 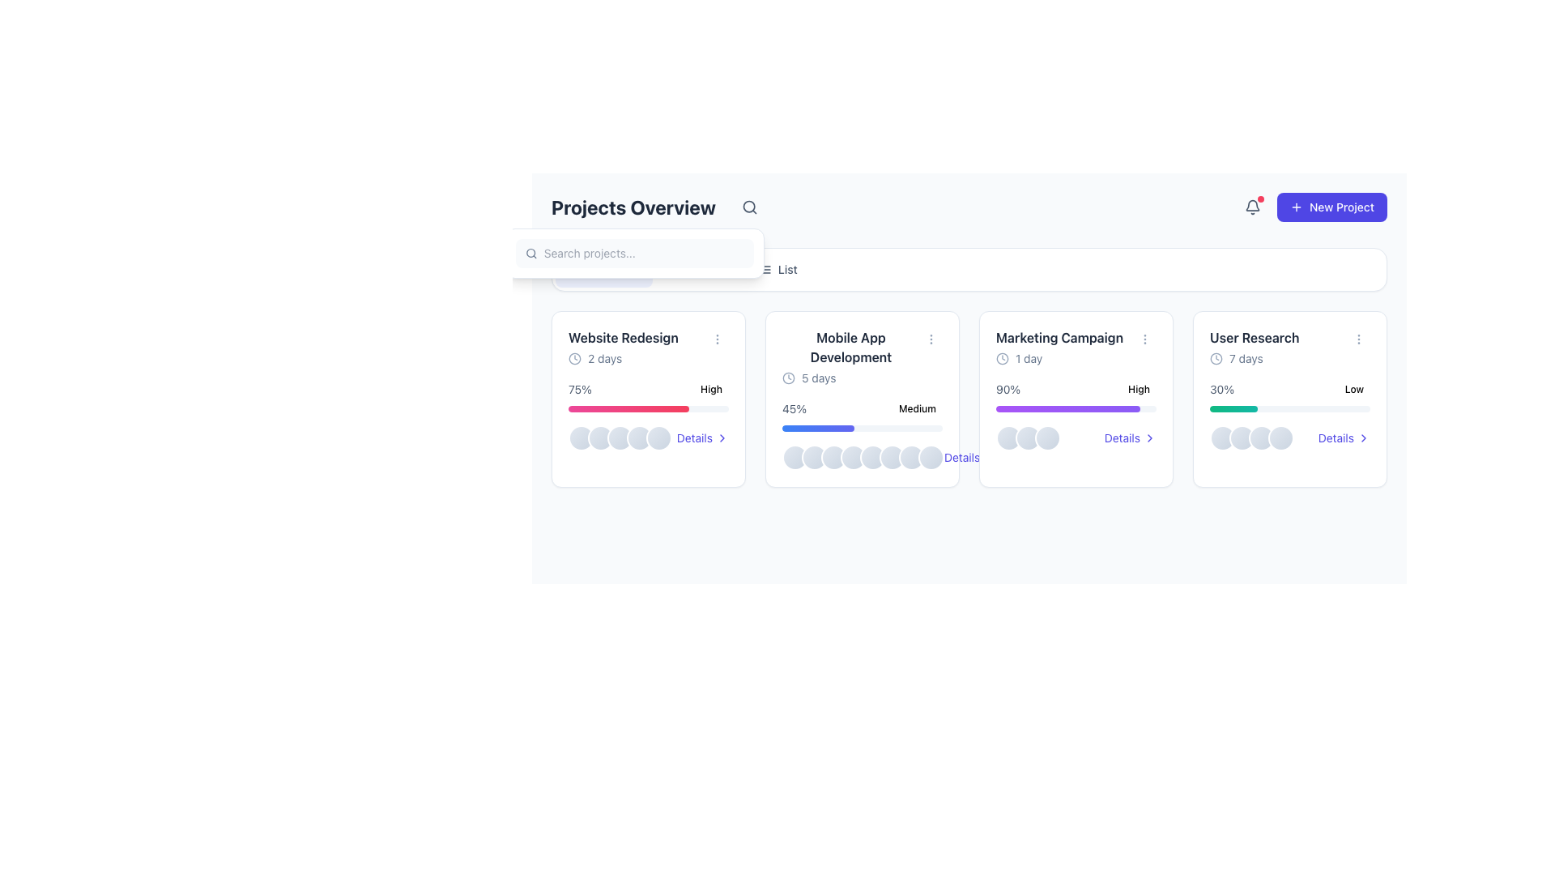 I want to click on the bell-shaped notification icon located in the top-right corner of the interface, so click(x=1251, y=204).